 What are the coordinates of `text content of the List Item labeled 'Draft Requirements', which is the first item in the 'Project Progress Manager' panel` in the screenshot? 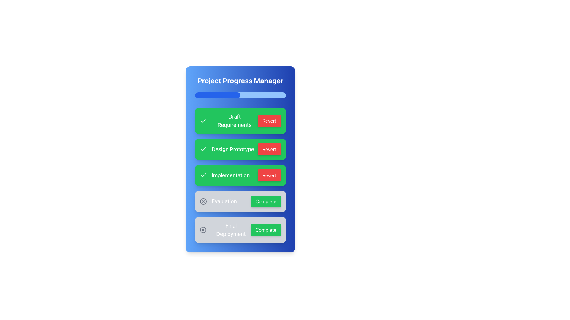 It's located at (240, 121).